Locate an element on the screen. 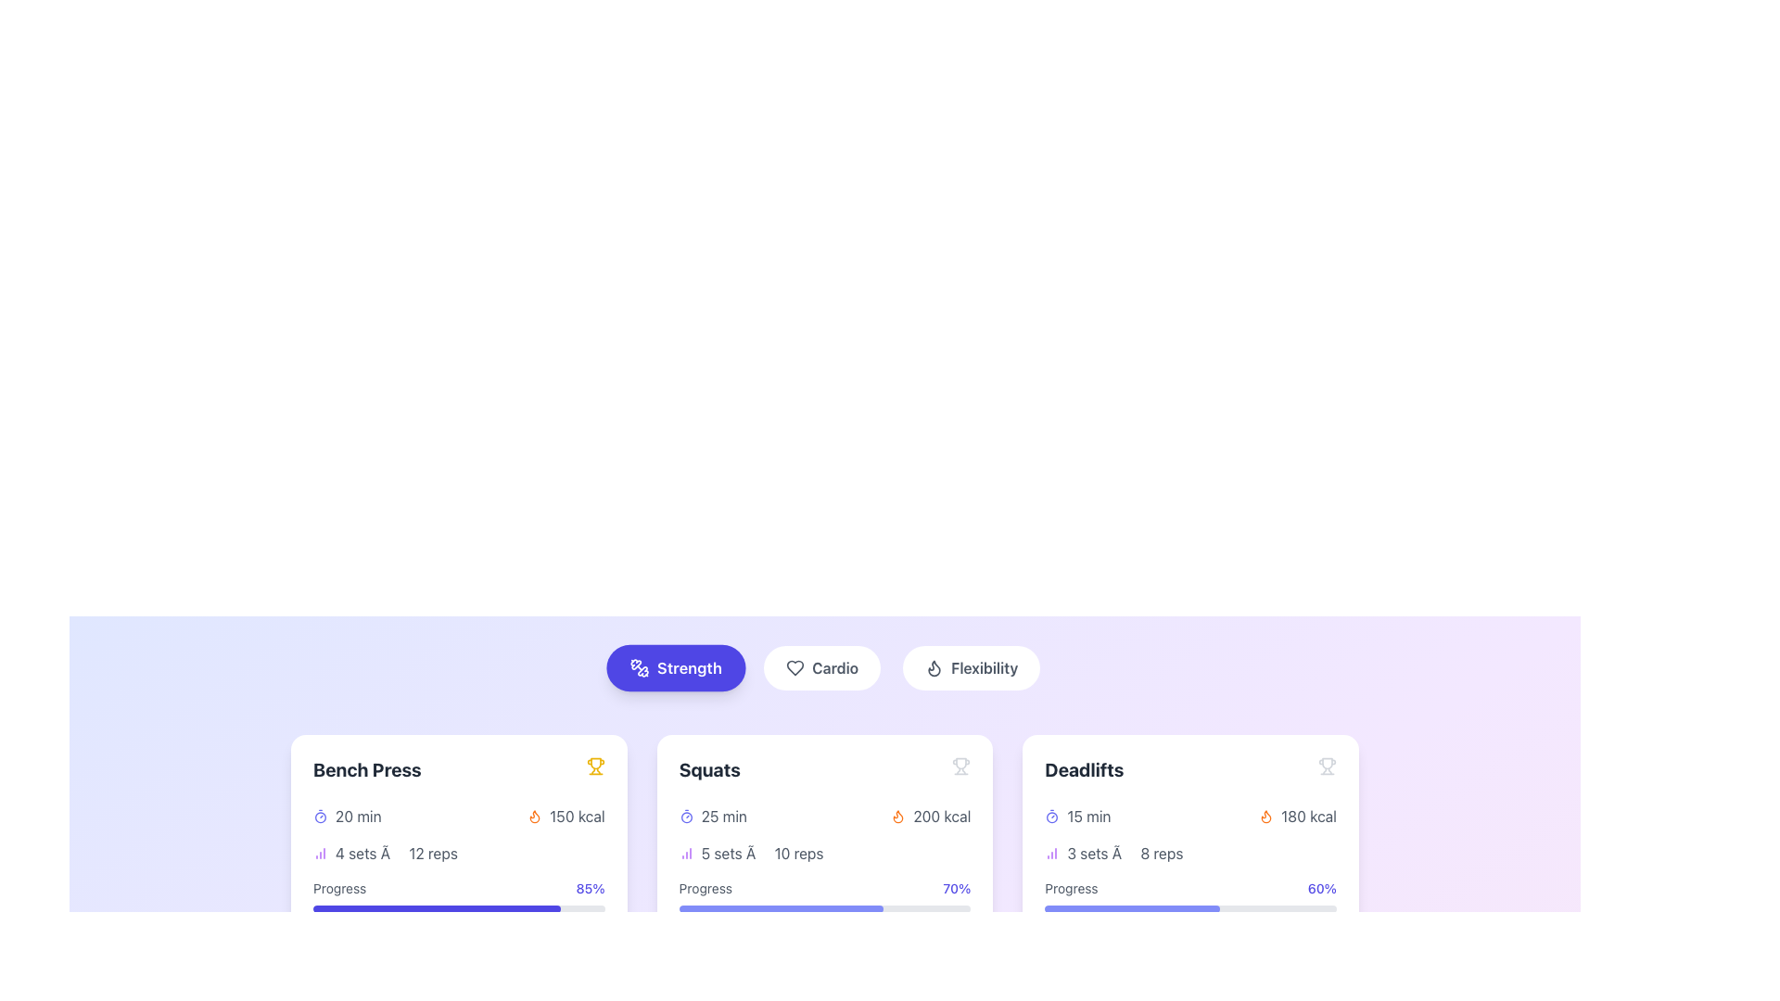 The image size is (1780, 1001). the progress bar located at the bottom of the 'Bench Press' card, just beneath the label 'Progress' and the percentage indicator '85% is located at coordinates (459, 907).